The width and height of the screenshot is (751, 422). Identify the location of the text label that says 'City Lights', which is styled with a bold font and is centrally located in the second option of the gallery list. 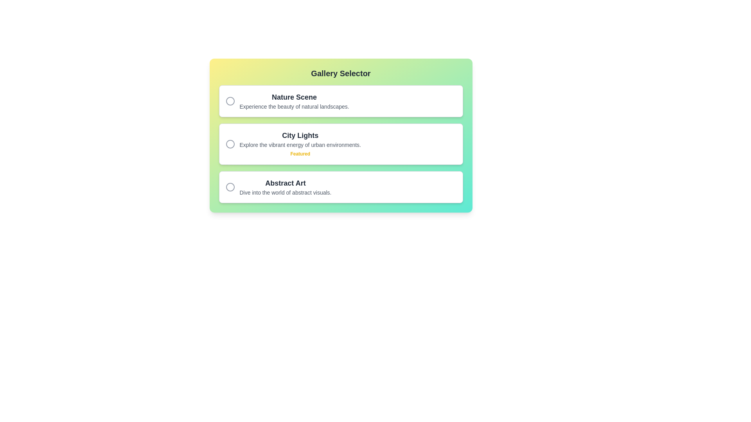
(300, 135).